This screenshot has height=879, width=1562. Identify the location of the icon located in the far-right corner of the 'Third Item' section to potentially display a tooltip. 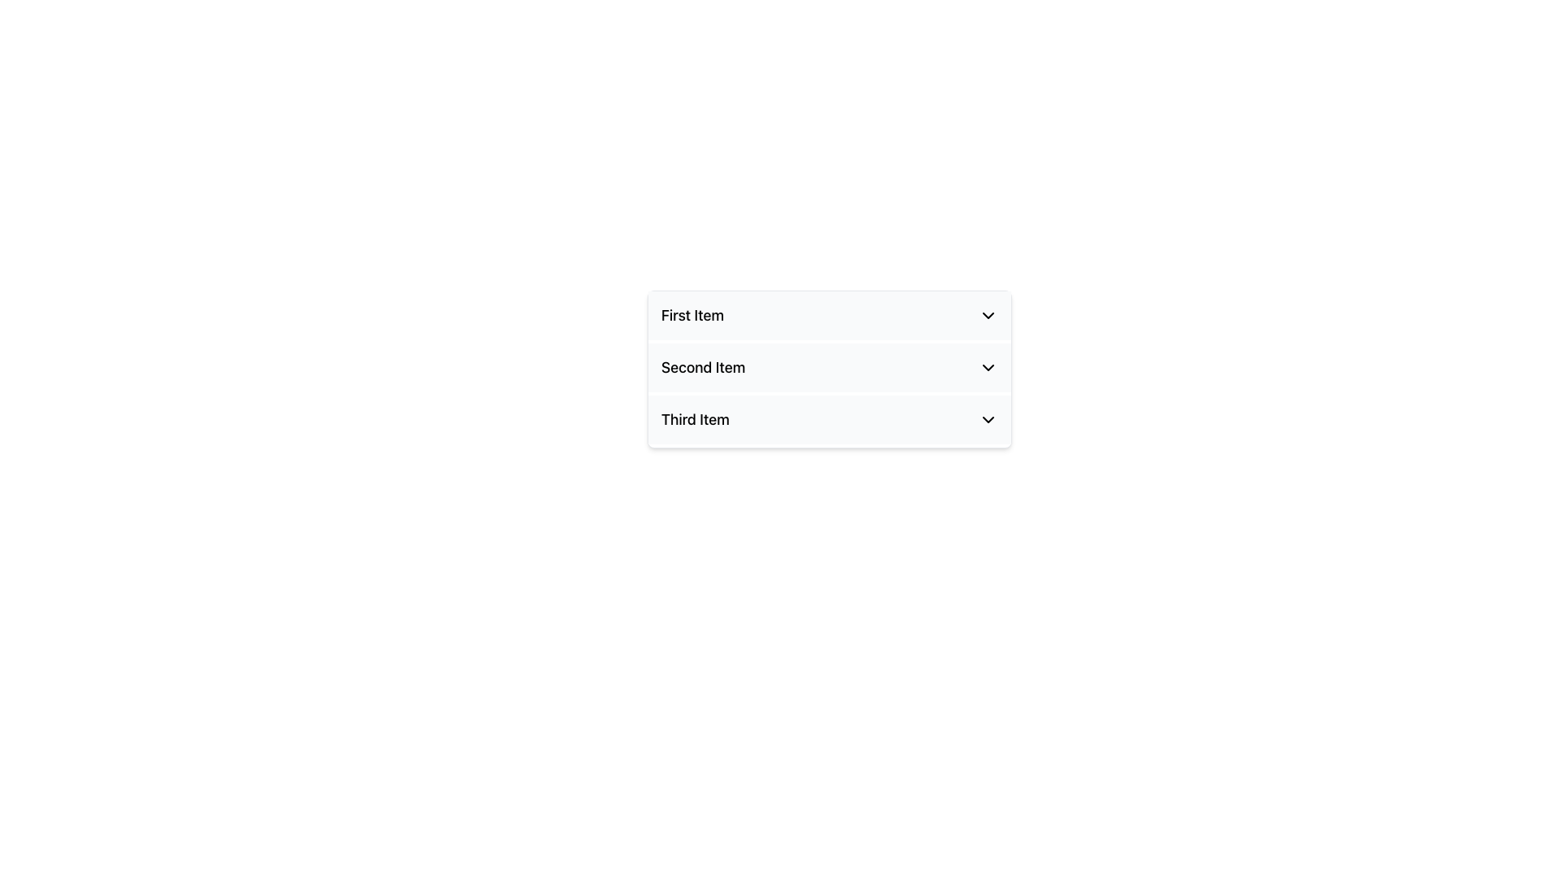
(987, 419).